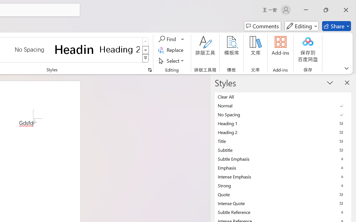 Image resolution: width=356 pixels, height=222 pixels. I want to click on 'Row up', so click(145, 42).